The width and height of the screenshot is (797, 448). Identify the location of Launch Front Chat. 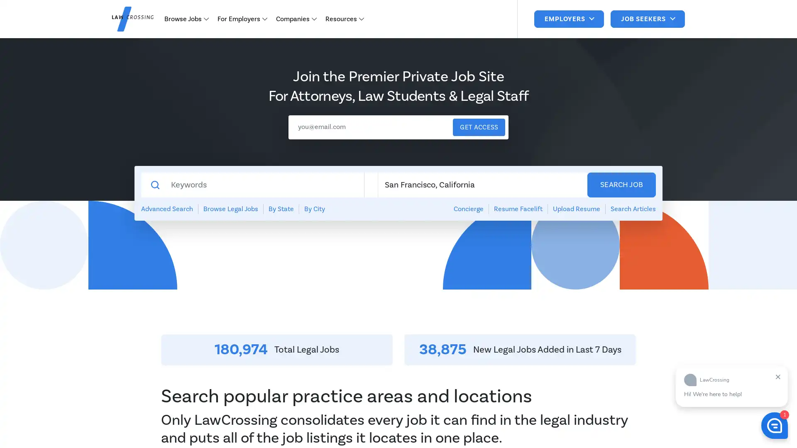
(774, 426).